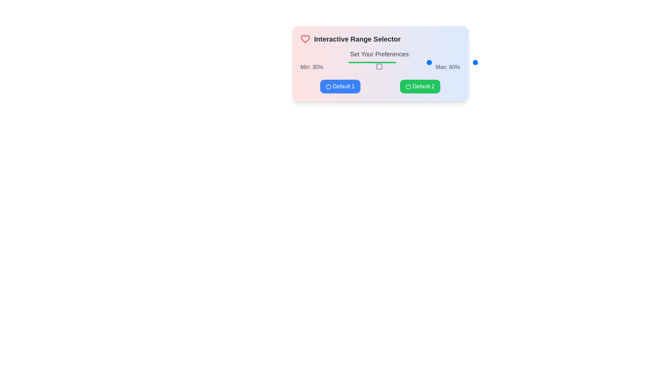 The width and height of the screenshot is (661, 371). What do you see at coordinates (408, 86) in the screenshot?
I see `the decorative icon located within the green button labeled 'Default 2', positioned towards the left side of the button's text` at bounding box center [408, 86].